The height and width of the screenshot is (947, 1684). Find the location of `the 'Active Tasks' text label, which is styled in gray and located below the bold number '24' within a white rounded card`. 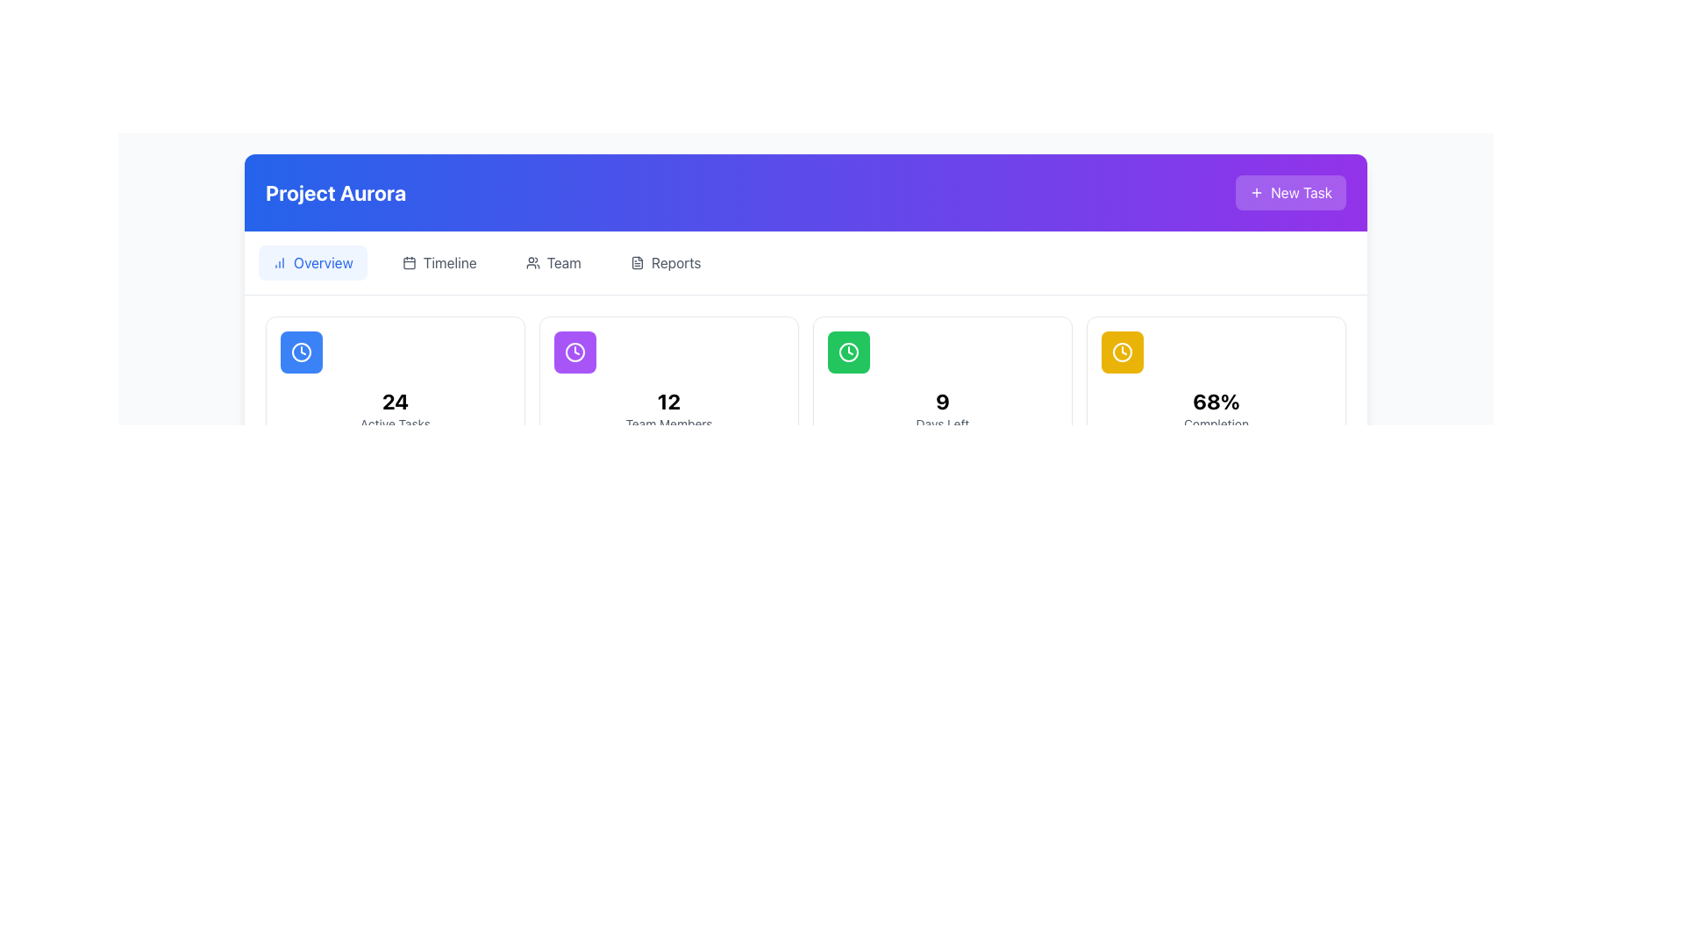

the 'Active Tasks' text label, which is styled in gray and located below the bold number '24' within a white rounded card is located at coordinates (395, 424).